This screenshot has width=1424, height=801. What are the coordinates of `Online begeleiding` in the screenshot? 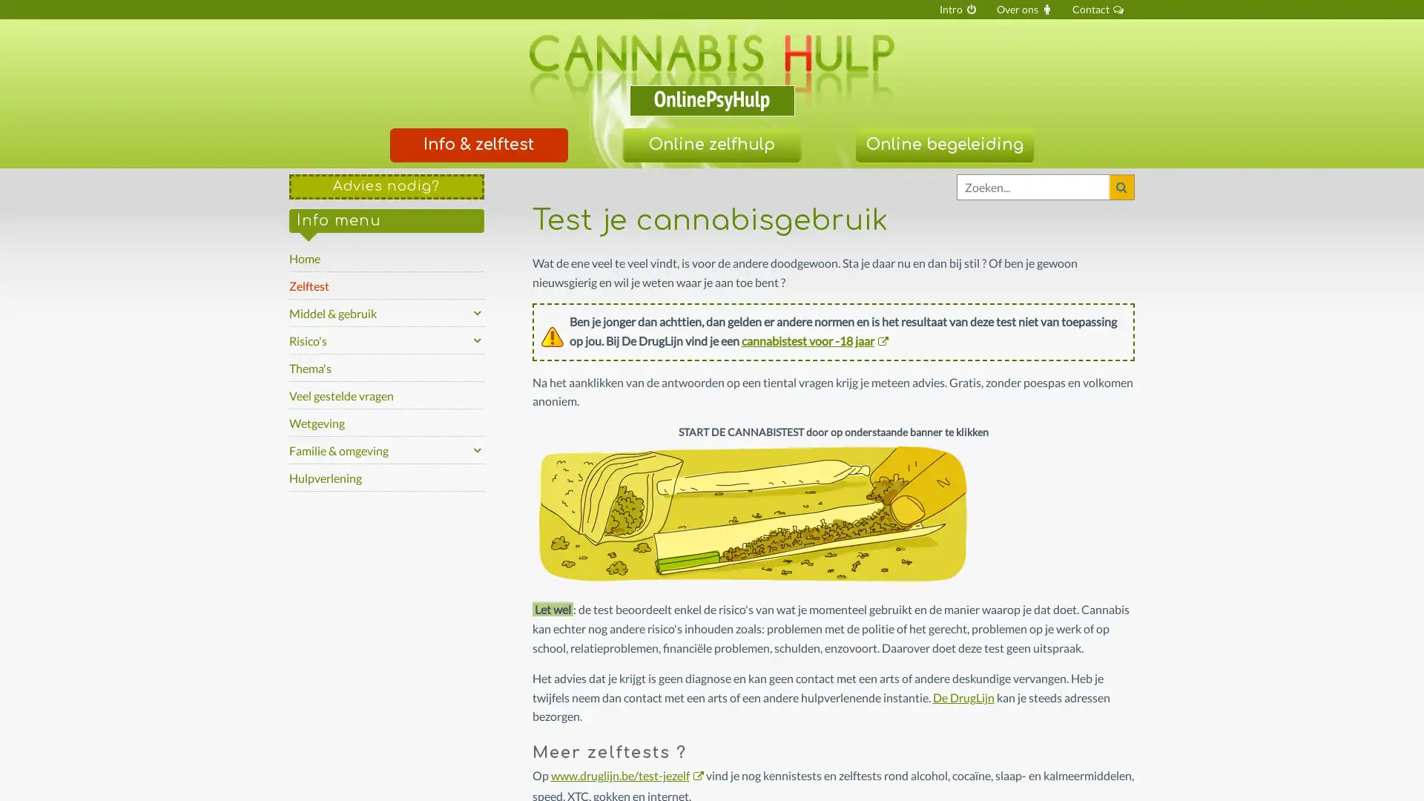 It's located at (943, 145).